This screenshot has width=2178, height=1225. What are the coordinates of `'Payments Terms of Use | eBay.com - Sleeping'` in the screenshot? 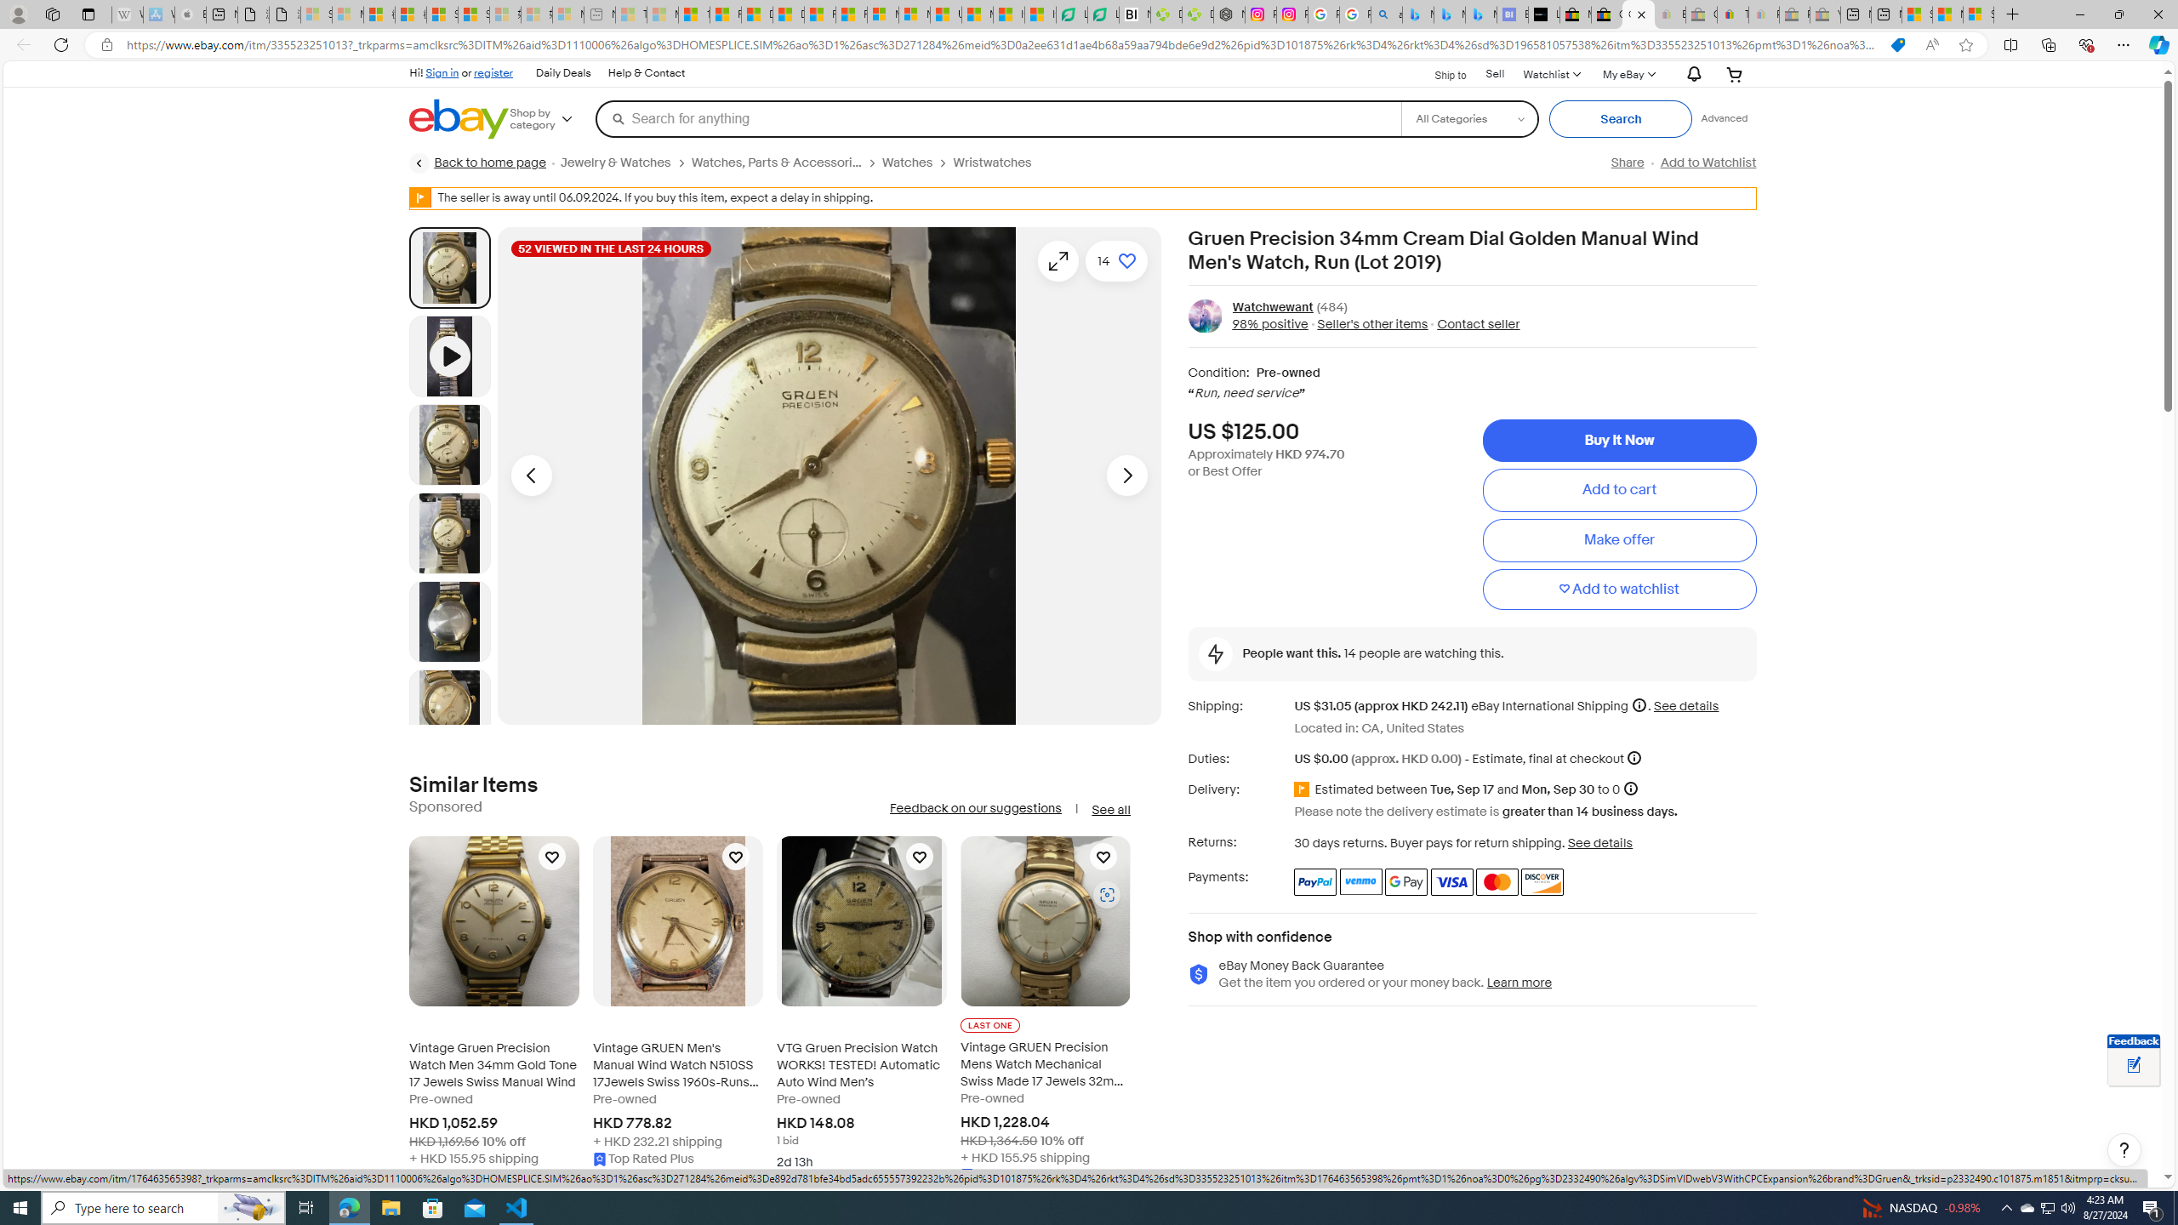 It's located at (1763, 14).